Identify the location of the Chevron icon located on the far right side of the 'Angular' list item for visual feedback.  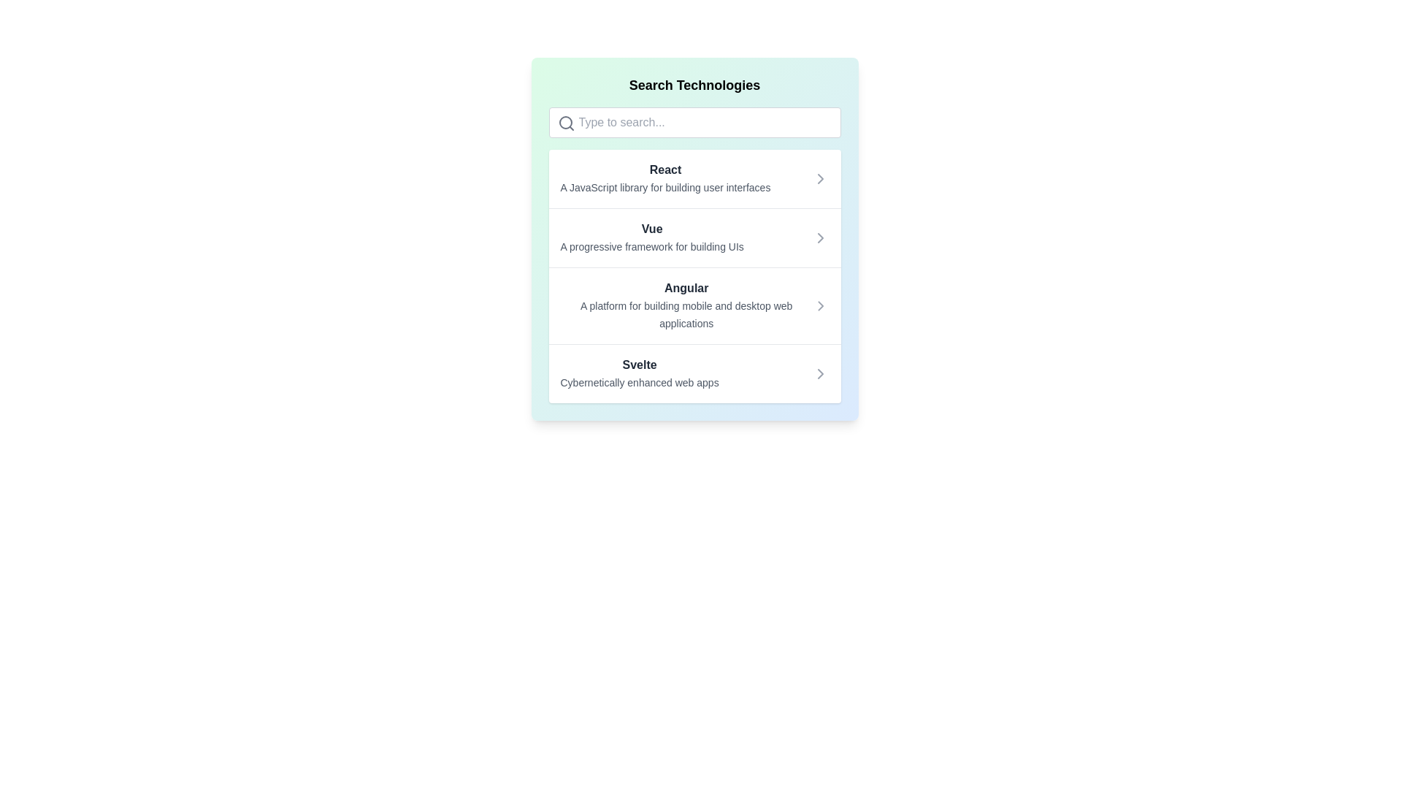
(821, 305).